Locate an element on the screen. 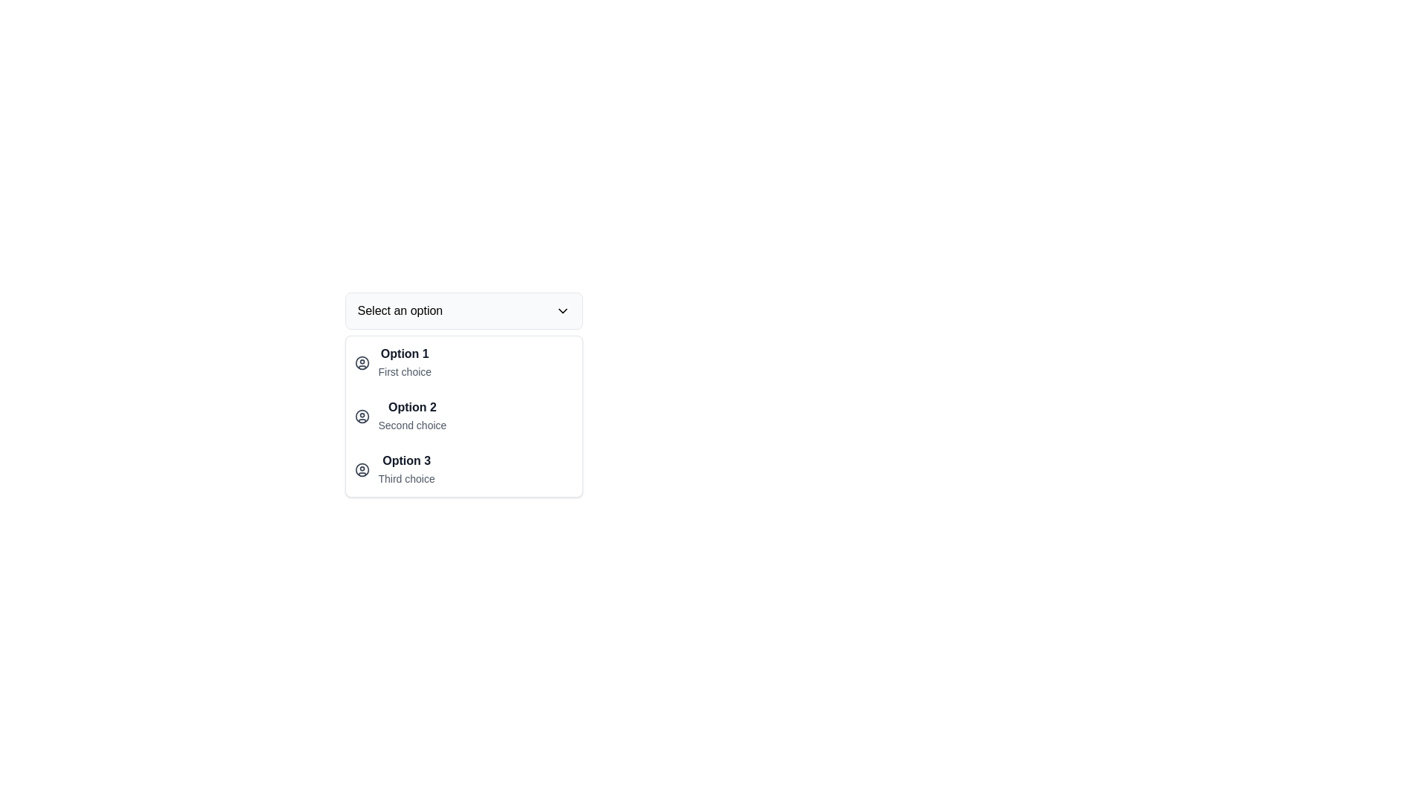  the small downward-facing chevron arrow icon located at the right end of the 'Select an option' bar is located at coordinates (561, 310).